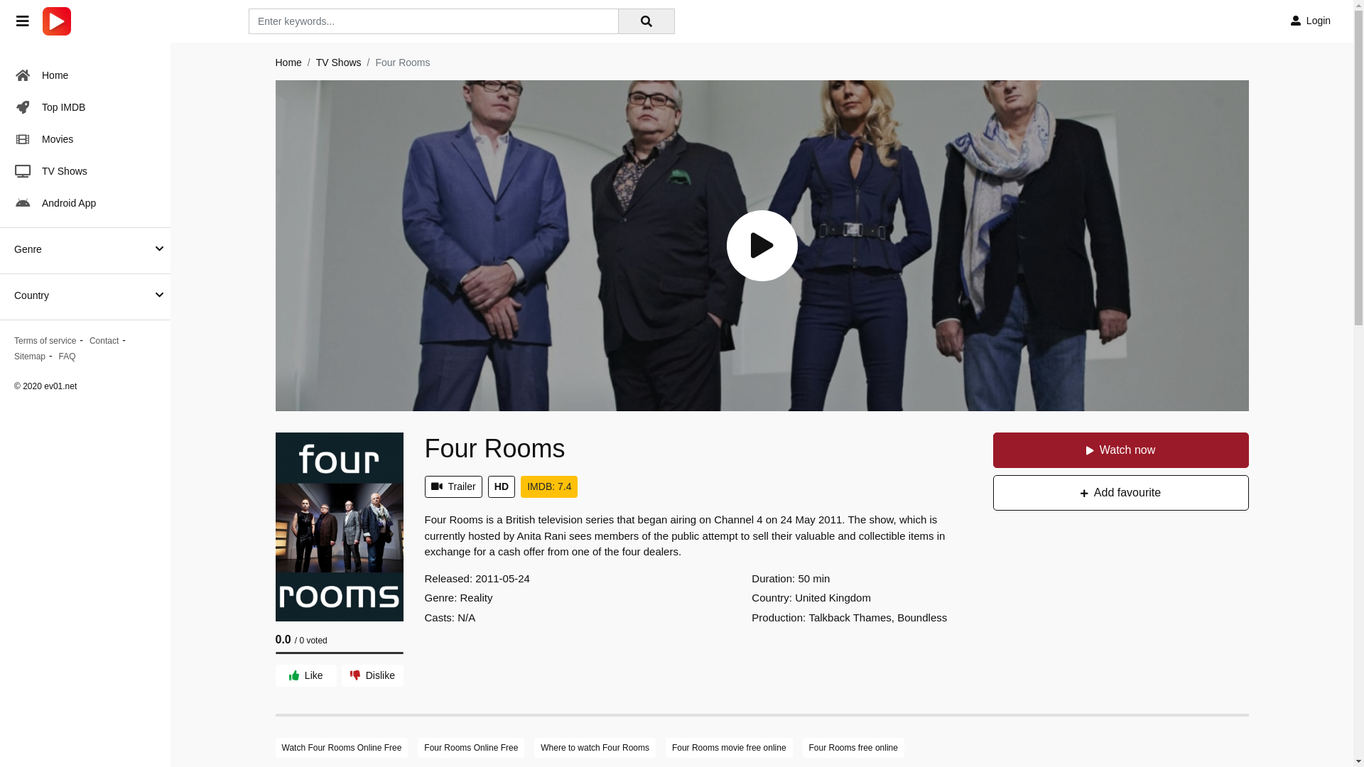 The image size is (1364, 767). I want to click on 'Dislike', so click(341, 675).